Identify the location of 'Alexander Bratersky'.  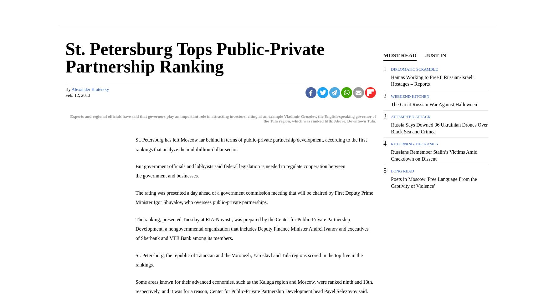
(90, 89).